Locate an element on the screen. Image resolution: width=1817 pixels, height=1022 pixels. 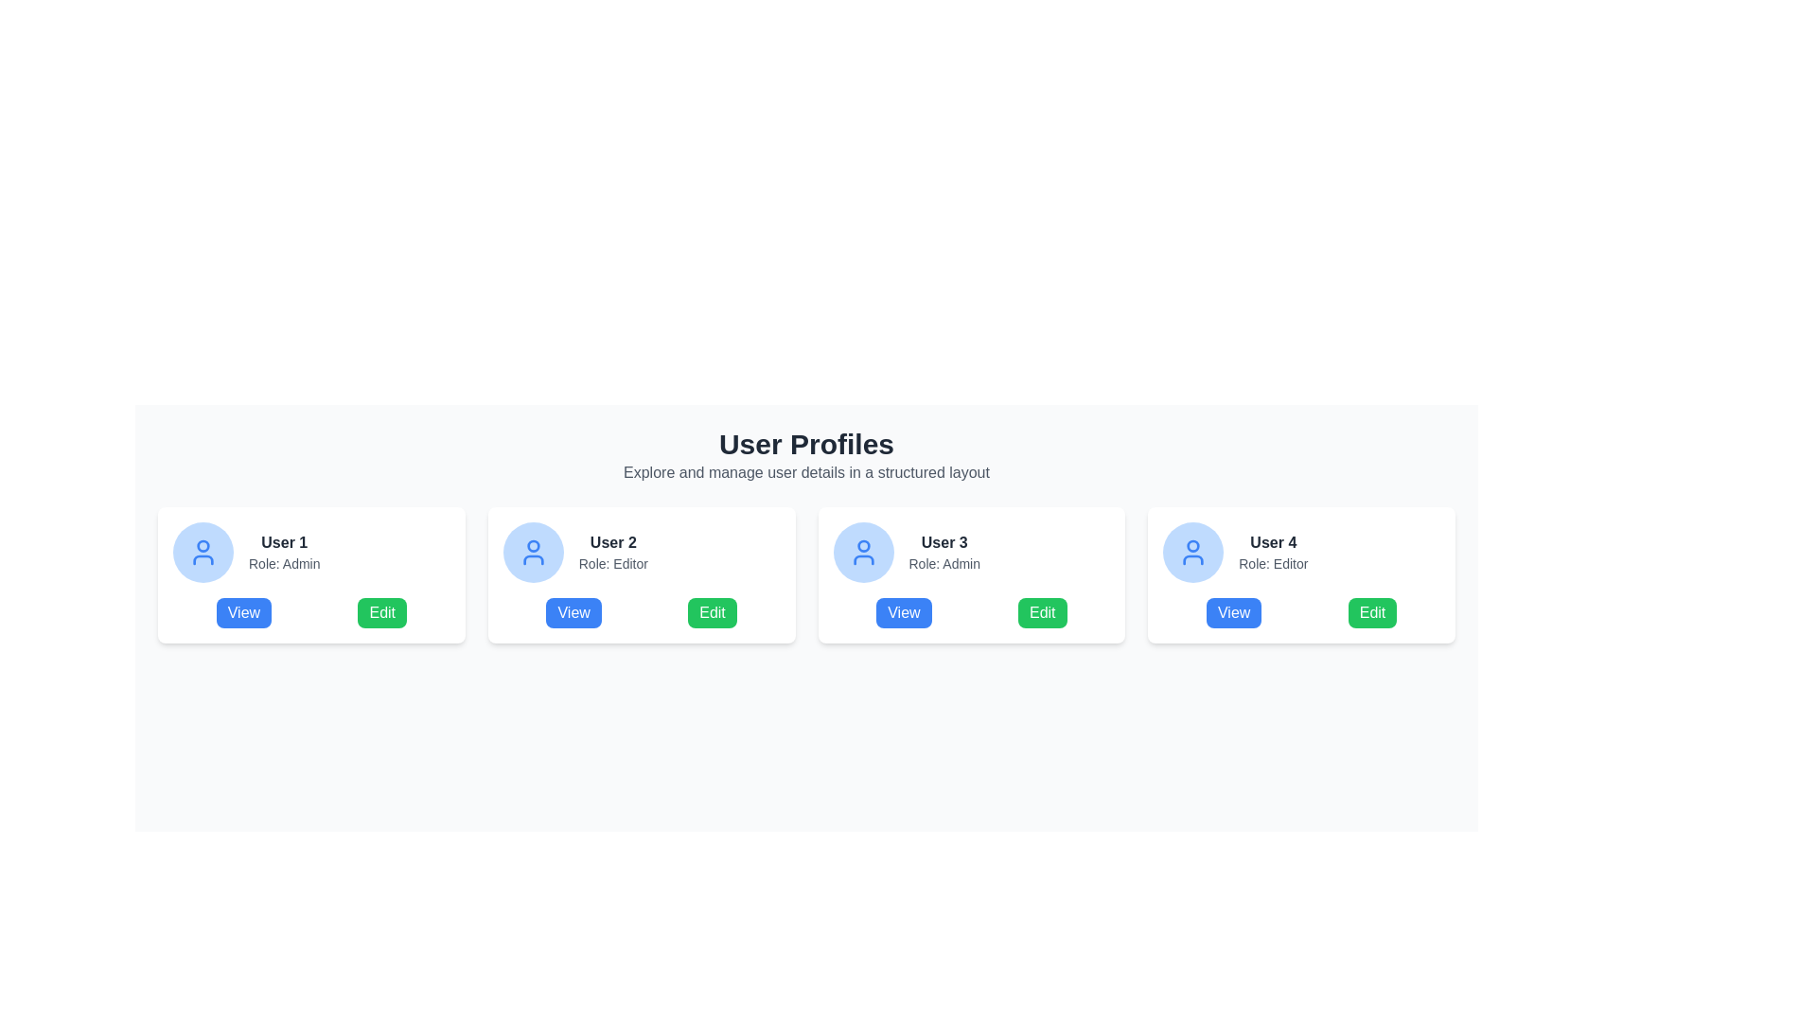
the 'Edit' button located to the right of the 'View' button in the bottom section of the UI card labeled 'User 1' to initiate an edit action is located at coordinates (381, 613).